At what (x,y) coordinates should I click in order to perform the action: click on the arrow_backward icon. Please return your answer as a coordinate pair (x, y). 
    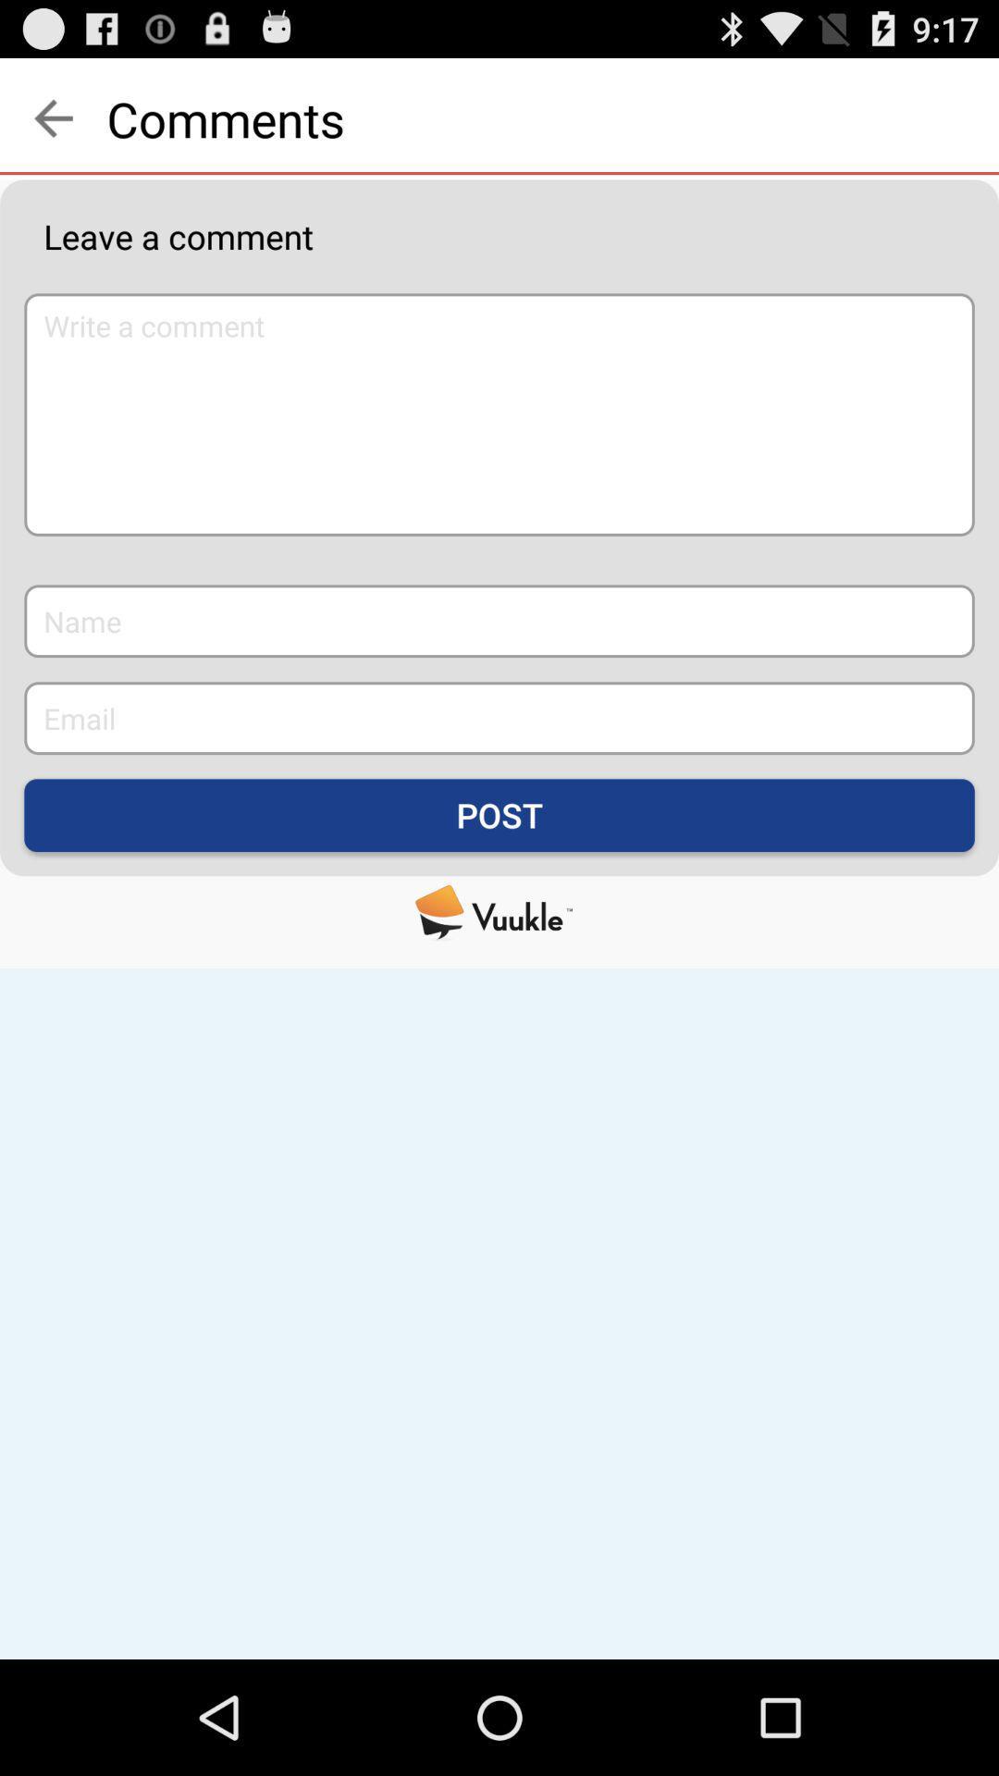
    Looking at the image, I should click on (52, 126).